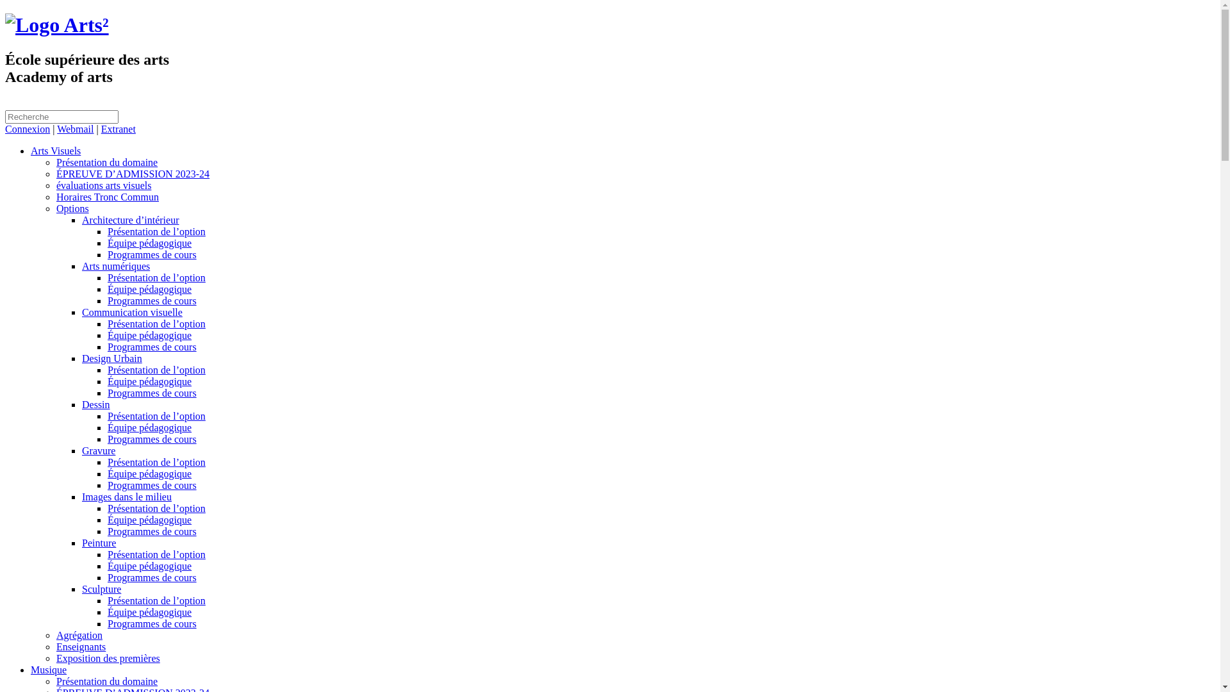 The image size is (1230, 692). What do you see at coordinates (98, 543) in the screenshot?
I see `'Peinture'` at bounding box center [98, 543].